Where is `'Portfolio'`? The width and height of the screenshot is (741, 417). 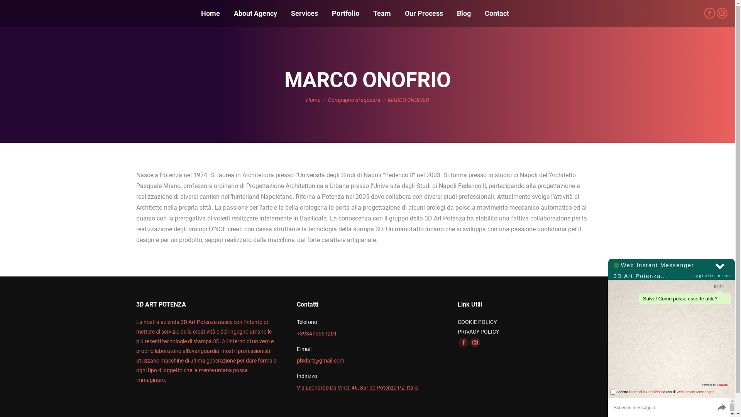
'Portfolio' is located at coordinates (345, 13).